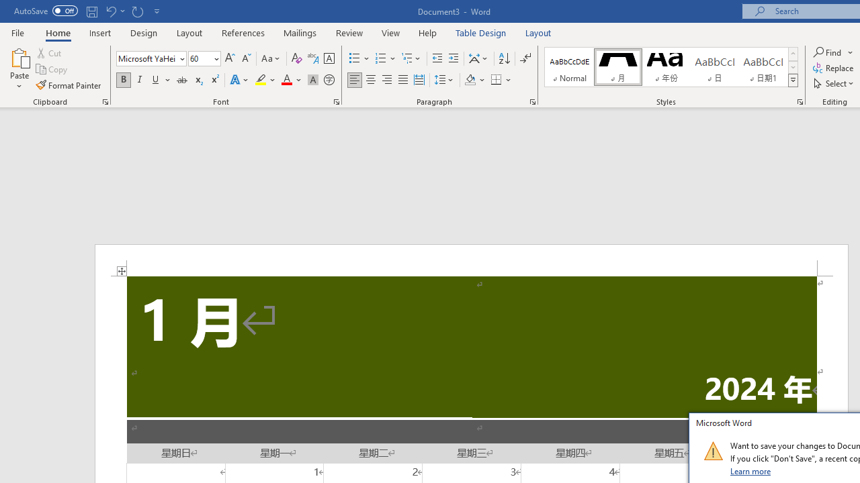  Describe the element at coordinates (312, 58) in the screenshot. I see `'Phonetic Guide...'` at that location.